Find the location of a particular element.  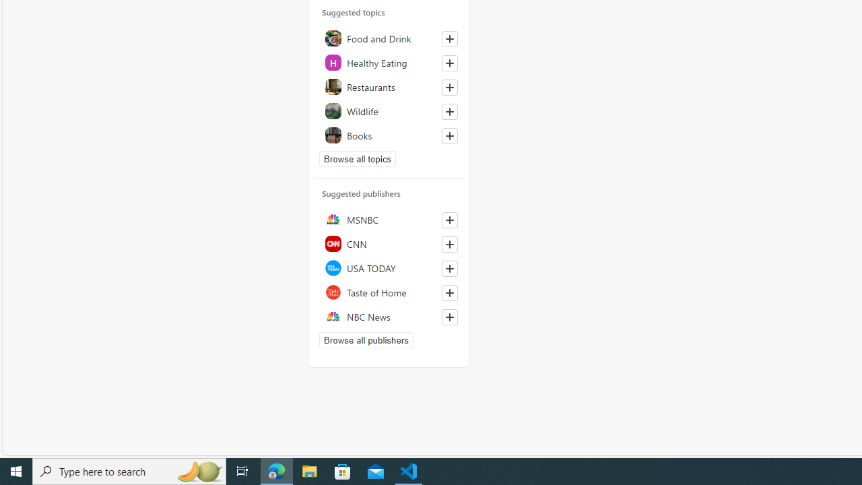

'Browse all publishers' is located at coordinates (366, 339).